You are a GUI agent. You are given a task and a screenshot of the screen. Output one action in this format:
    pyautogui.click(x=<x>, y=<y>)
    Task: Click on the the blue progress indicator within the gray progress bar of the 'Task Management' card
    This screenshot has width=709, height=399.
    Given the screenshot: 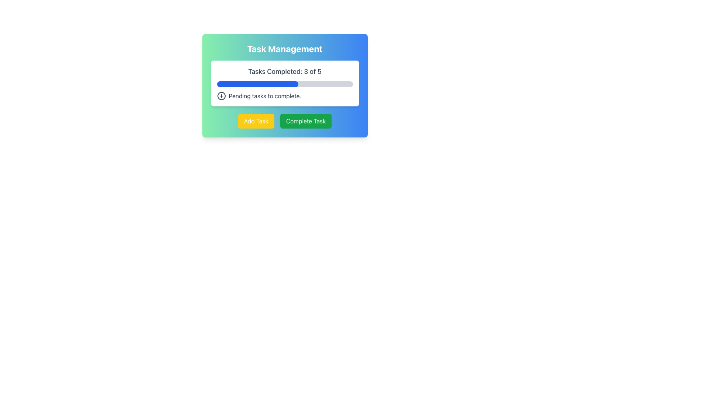 What is the action you would take?
    pyautogui.click(x=257, y=83)
    